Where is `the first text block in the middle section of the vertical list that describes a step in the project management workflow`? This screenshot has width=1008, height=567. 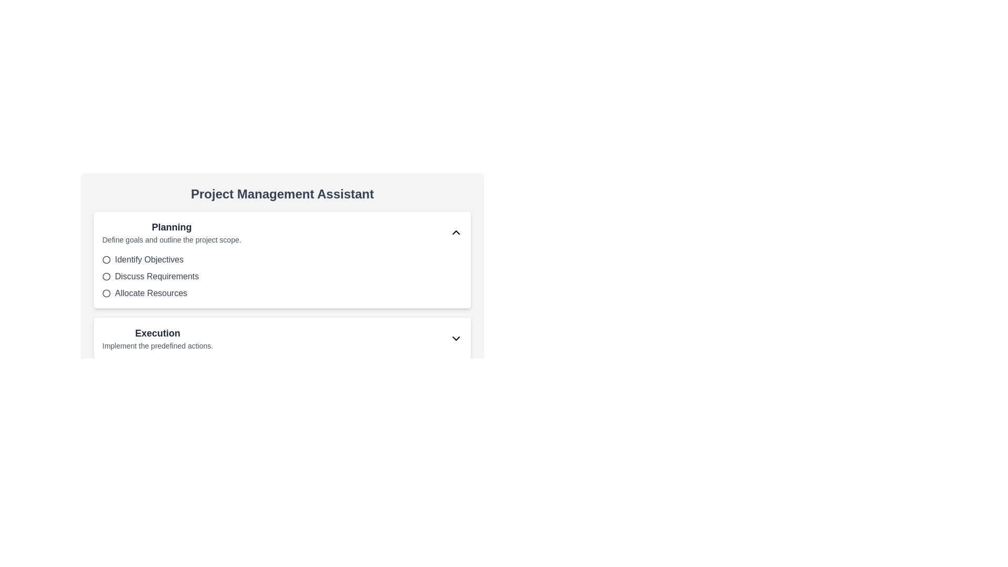 the first text block in the middle section of the vertical list that describes a step in the project management workflow is located at coordinates (172, 232).